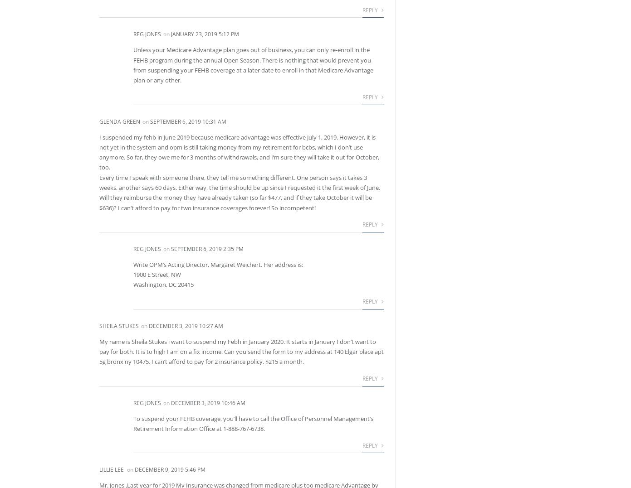 The width and height of the screenshot is (631, 488). Describe the element at coordinates (111, 469) in the screenshot. I see `'LILLIE LEE'` at that location.